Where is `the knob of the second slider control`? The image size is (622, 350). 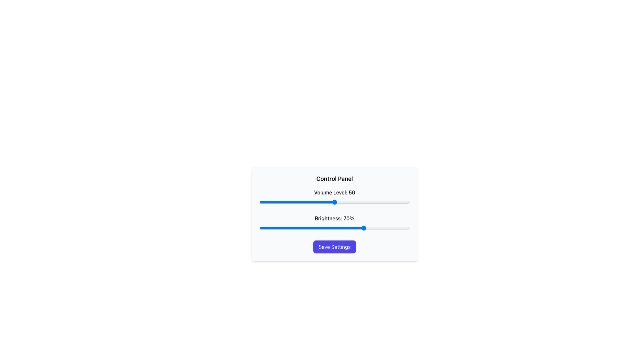
the knob of the second slider control is located at coordinates (334, 228).